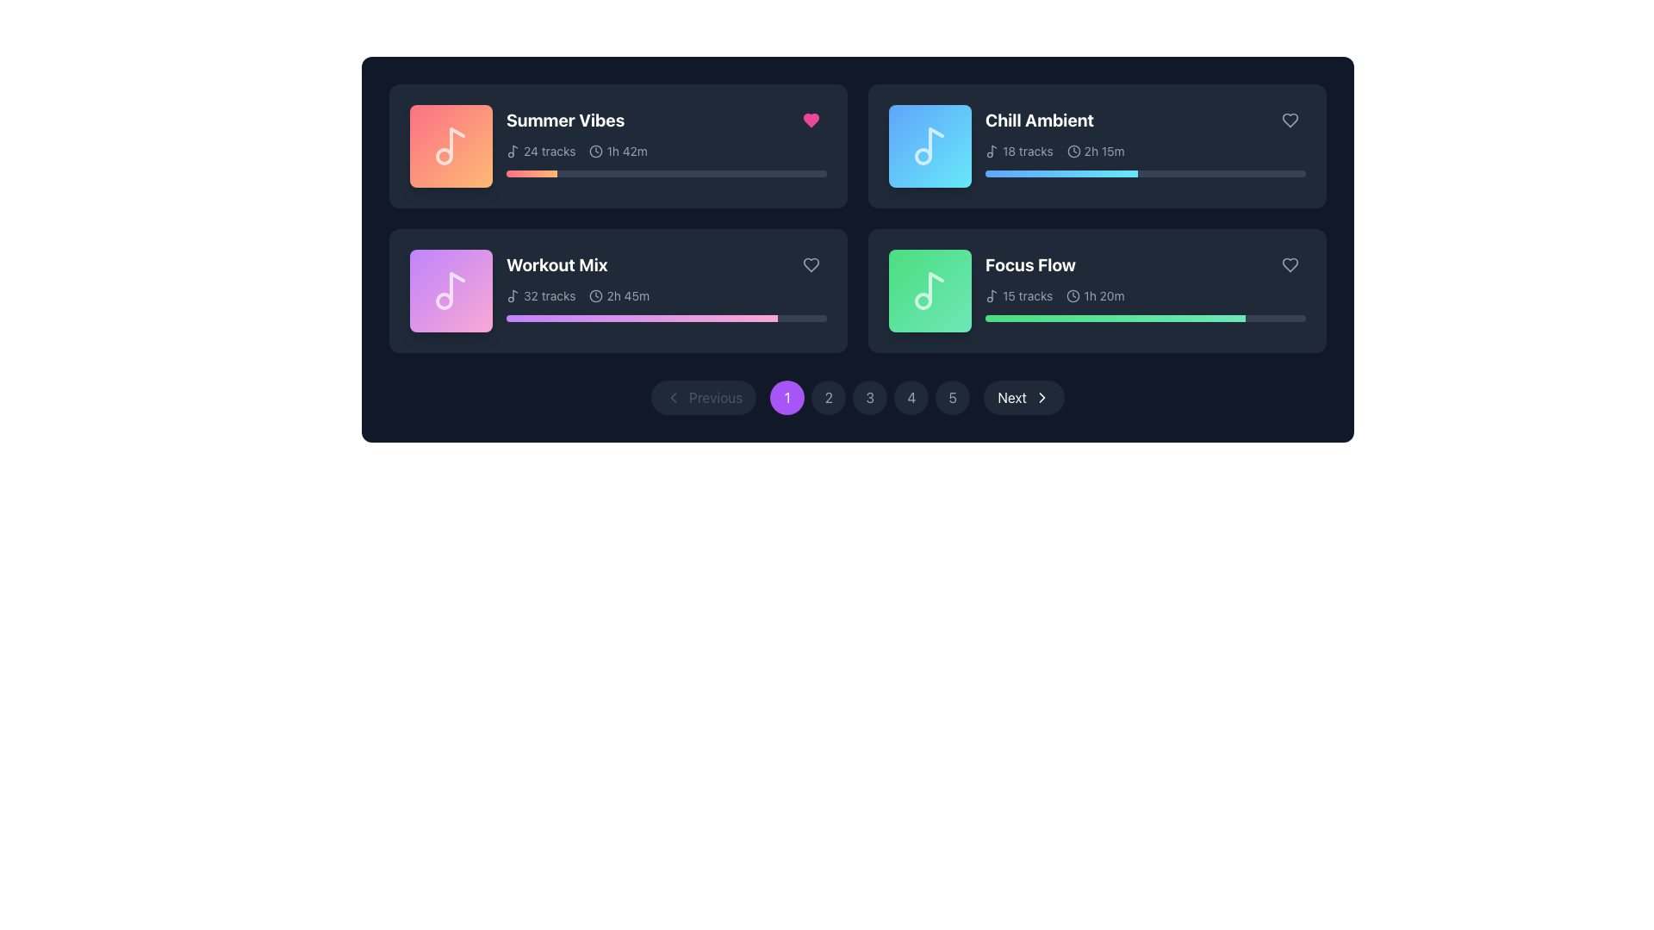 The image size is (1654, 930). Describe the element at coordinates (665, 319) in the screenshot. I see `the progress bar located in the 'Workout Mix' section, which serves as a progress indicator for the associated content` at that location.